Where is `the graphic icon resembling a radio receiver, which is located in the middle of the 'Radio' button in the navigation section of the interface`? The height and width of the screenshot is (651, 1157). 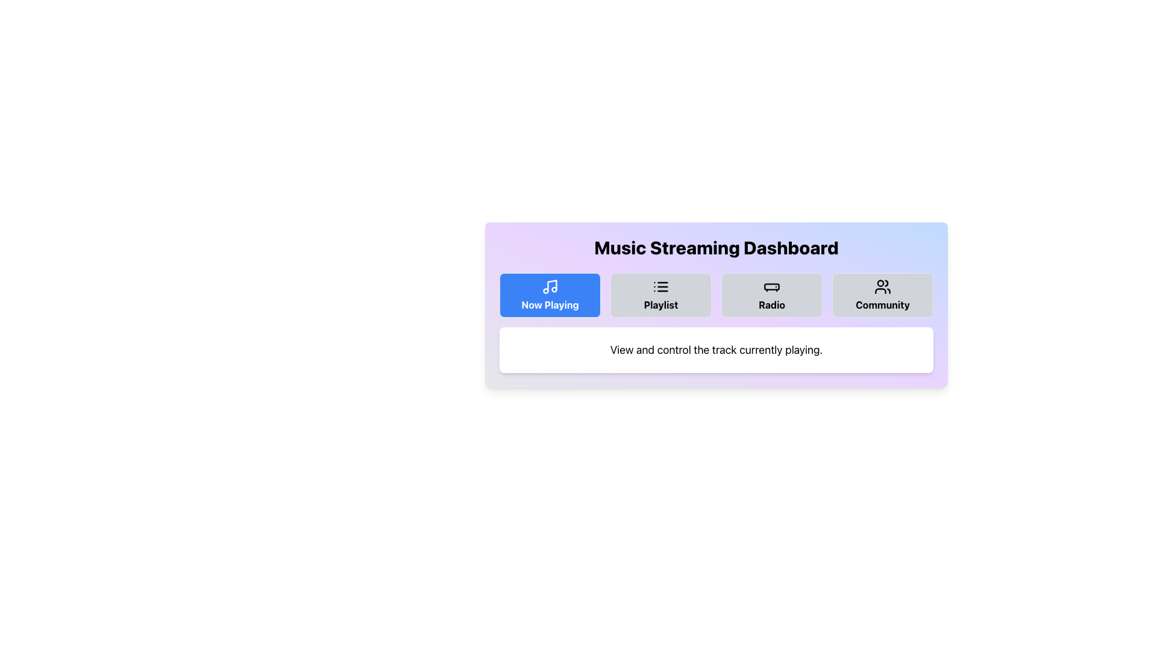
the graphic icon resembling a radio receiver, which is located in the middle of the 'Radio' button in the navigation section of the interface is located at coordinates (772, 286).